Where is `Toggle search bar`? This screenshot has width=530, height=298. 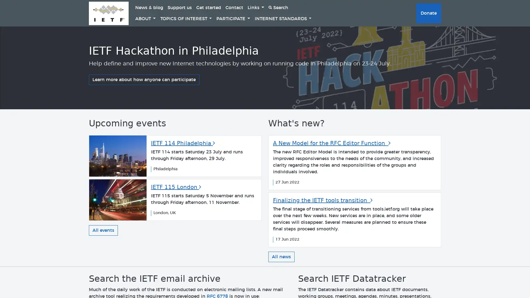 Toggle search bar is located at coordinates (278, 7).